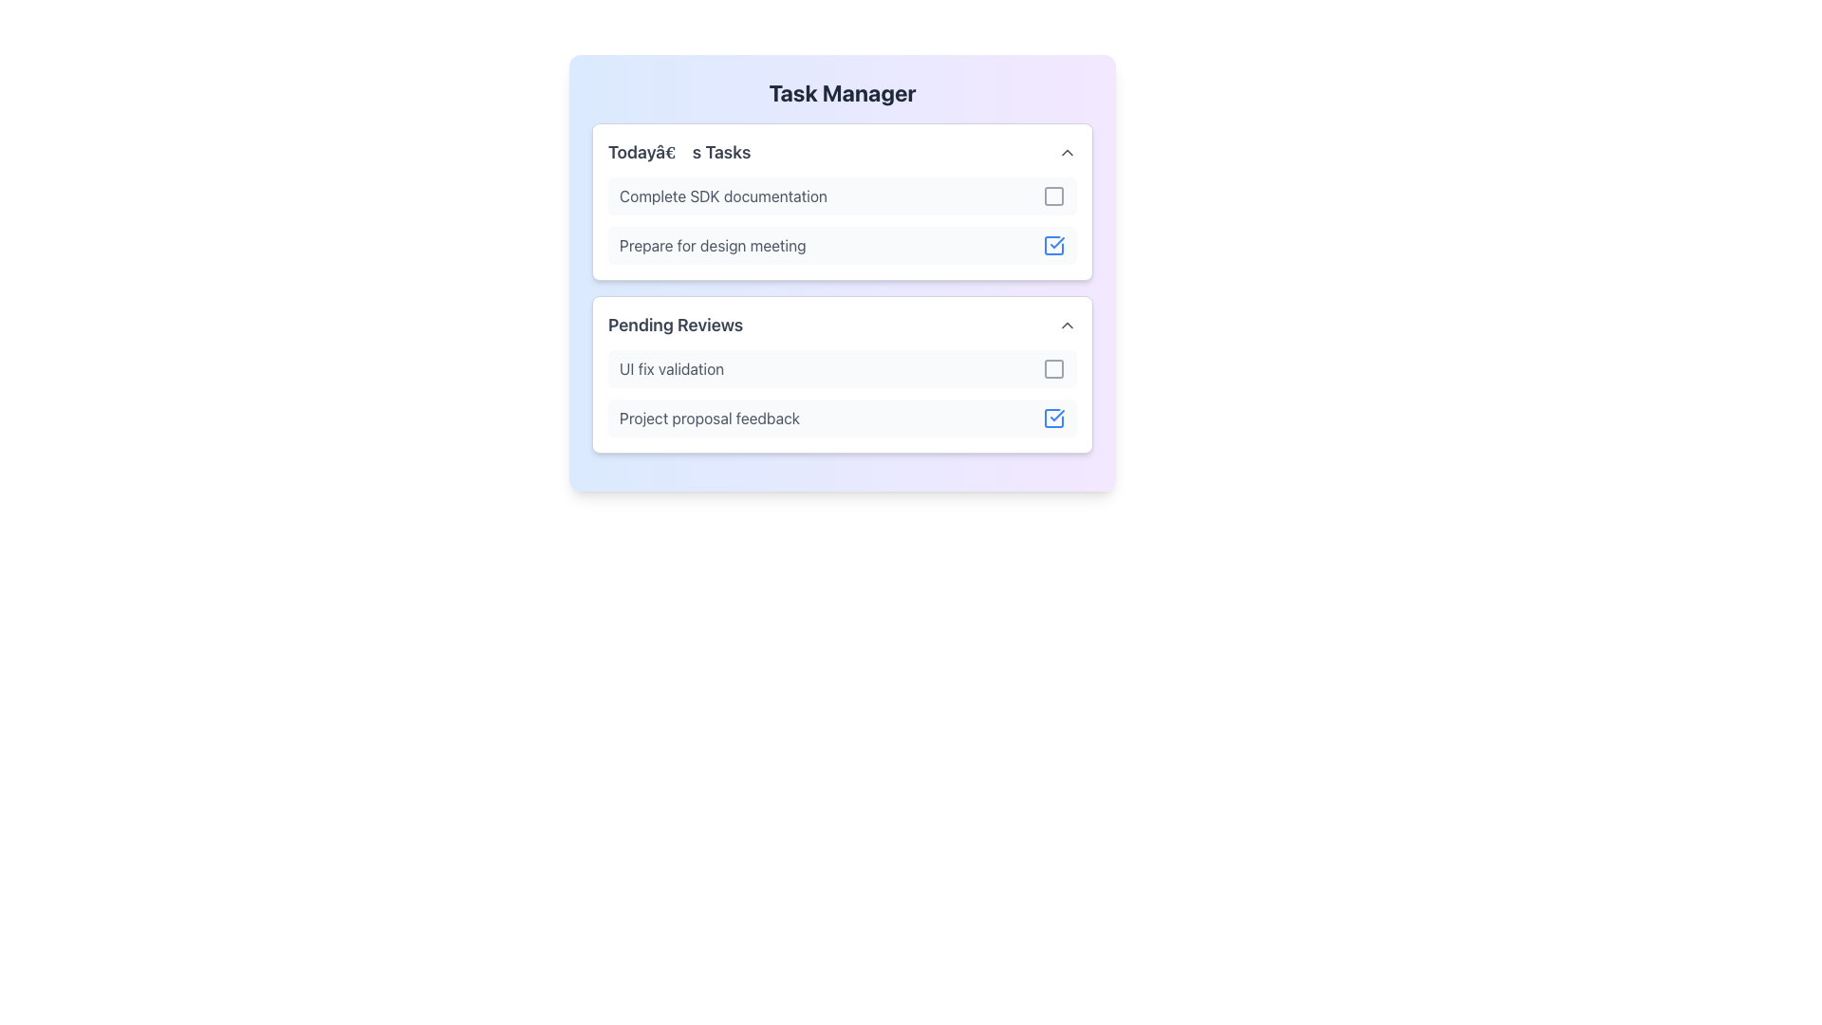 This screenshot has width=1822, height=1025. I want to click on the checkbox used to mark the task 'Prepare for design meeting' as completed, so click(1052, 244).